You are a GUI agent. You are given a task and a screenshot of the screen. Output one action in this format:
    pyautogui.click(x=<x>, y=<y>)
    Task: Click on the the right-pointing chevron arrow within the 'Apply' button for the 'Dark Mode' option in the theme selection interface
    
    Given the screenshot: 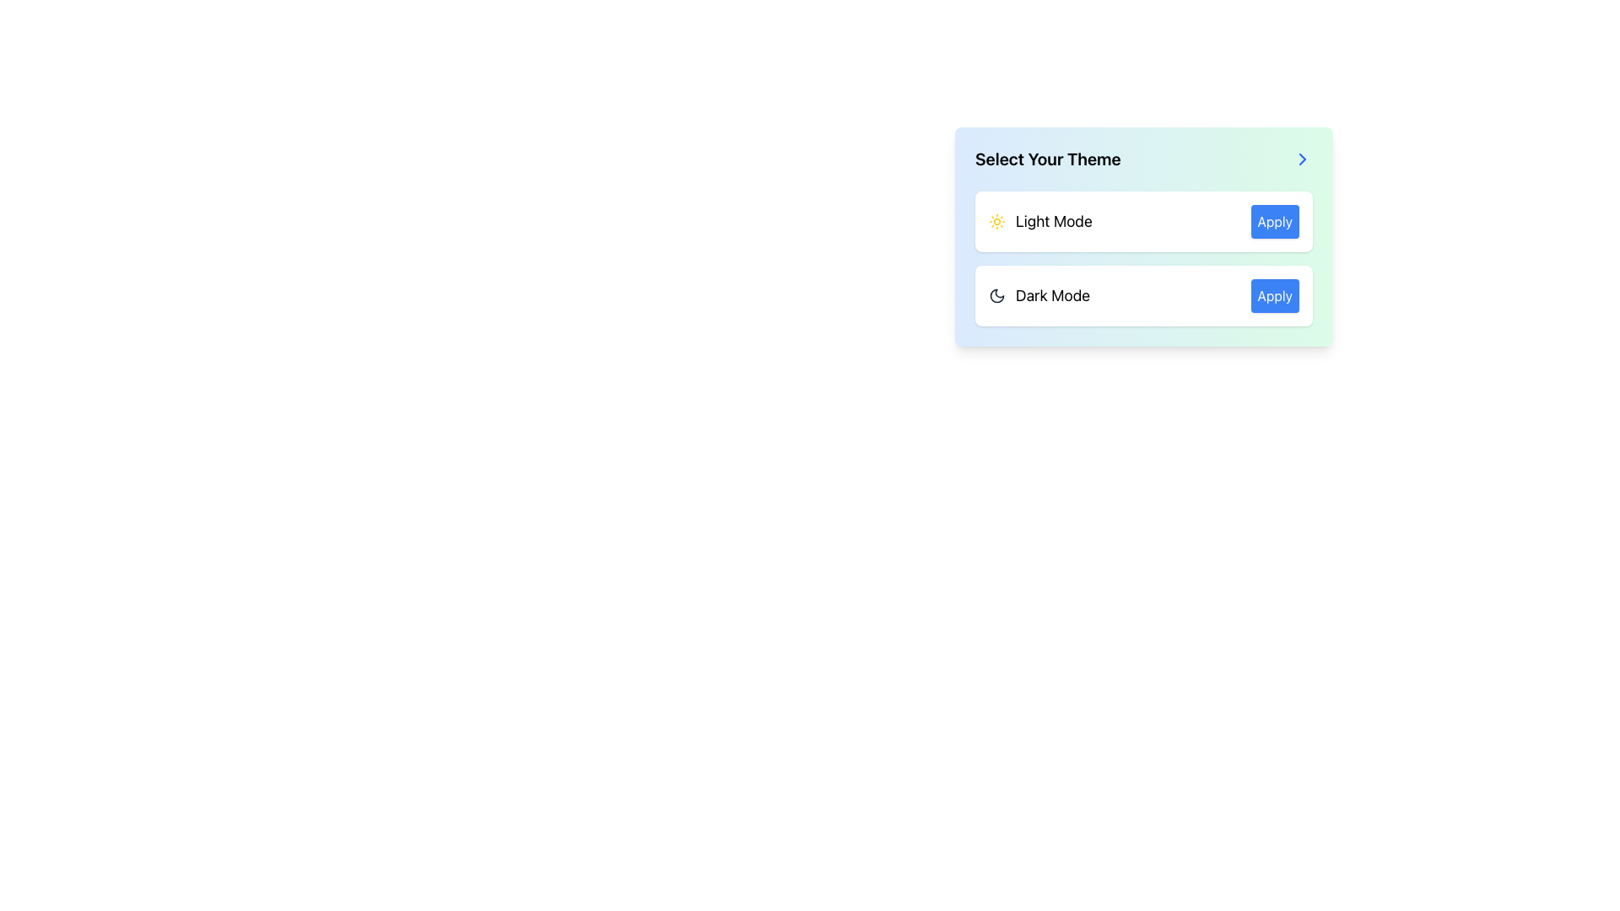 What is the action you would take?
    pyautogui.click(x=1302, y=159)
    